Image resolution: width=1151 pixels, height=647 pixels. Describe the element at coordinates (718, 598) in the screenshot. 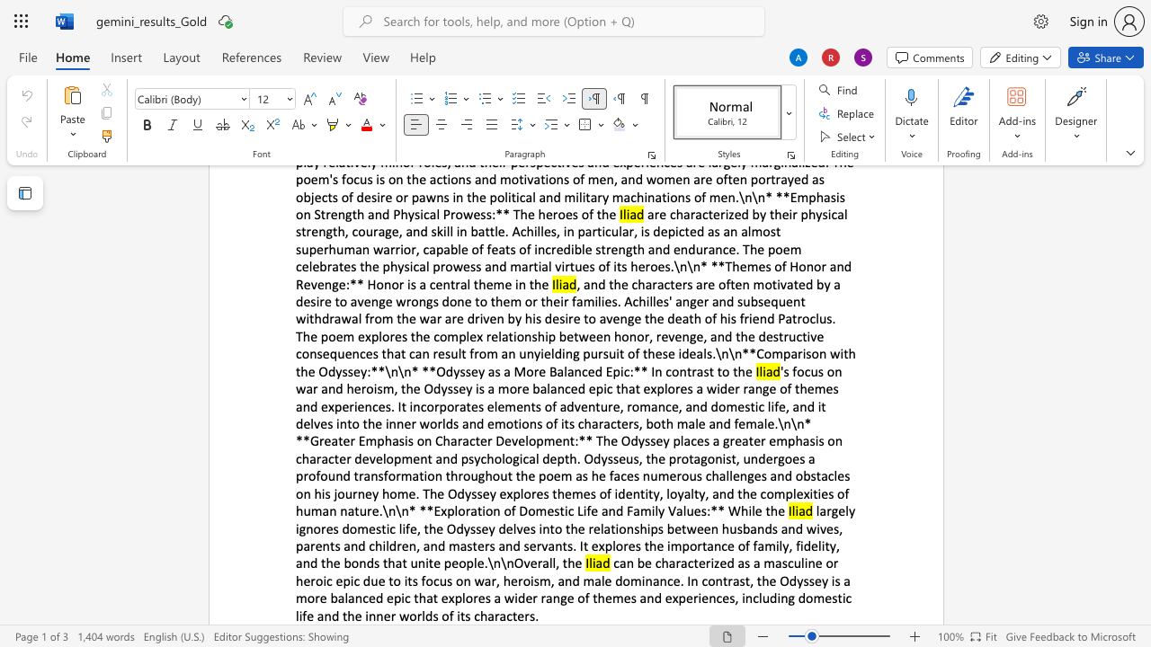

I see `the 12th character "c" in the text` at that location.